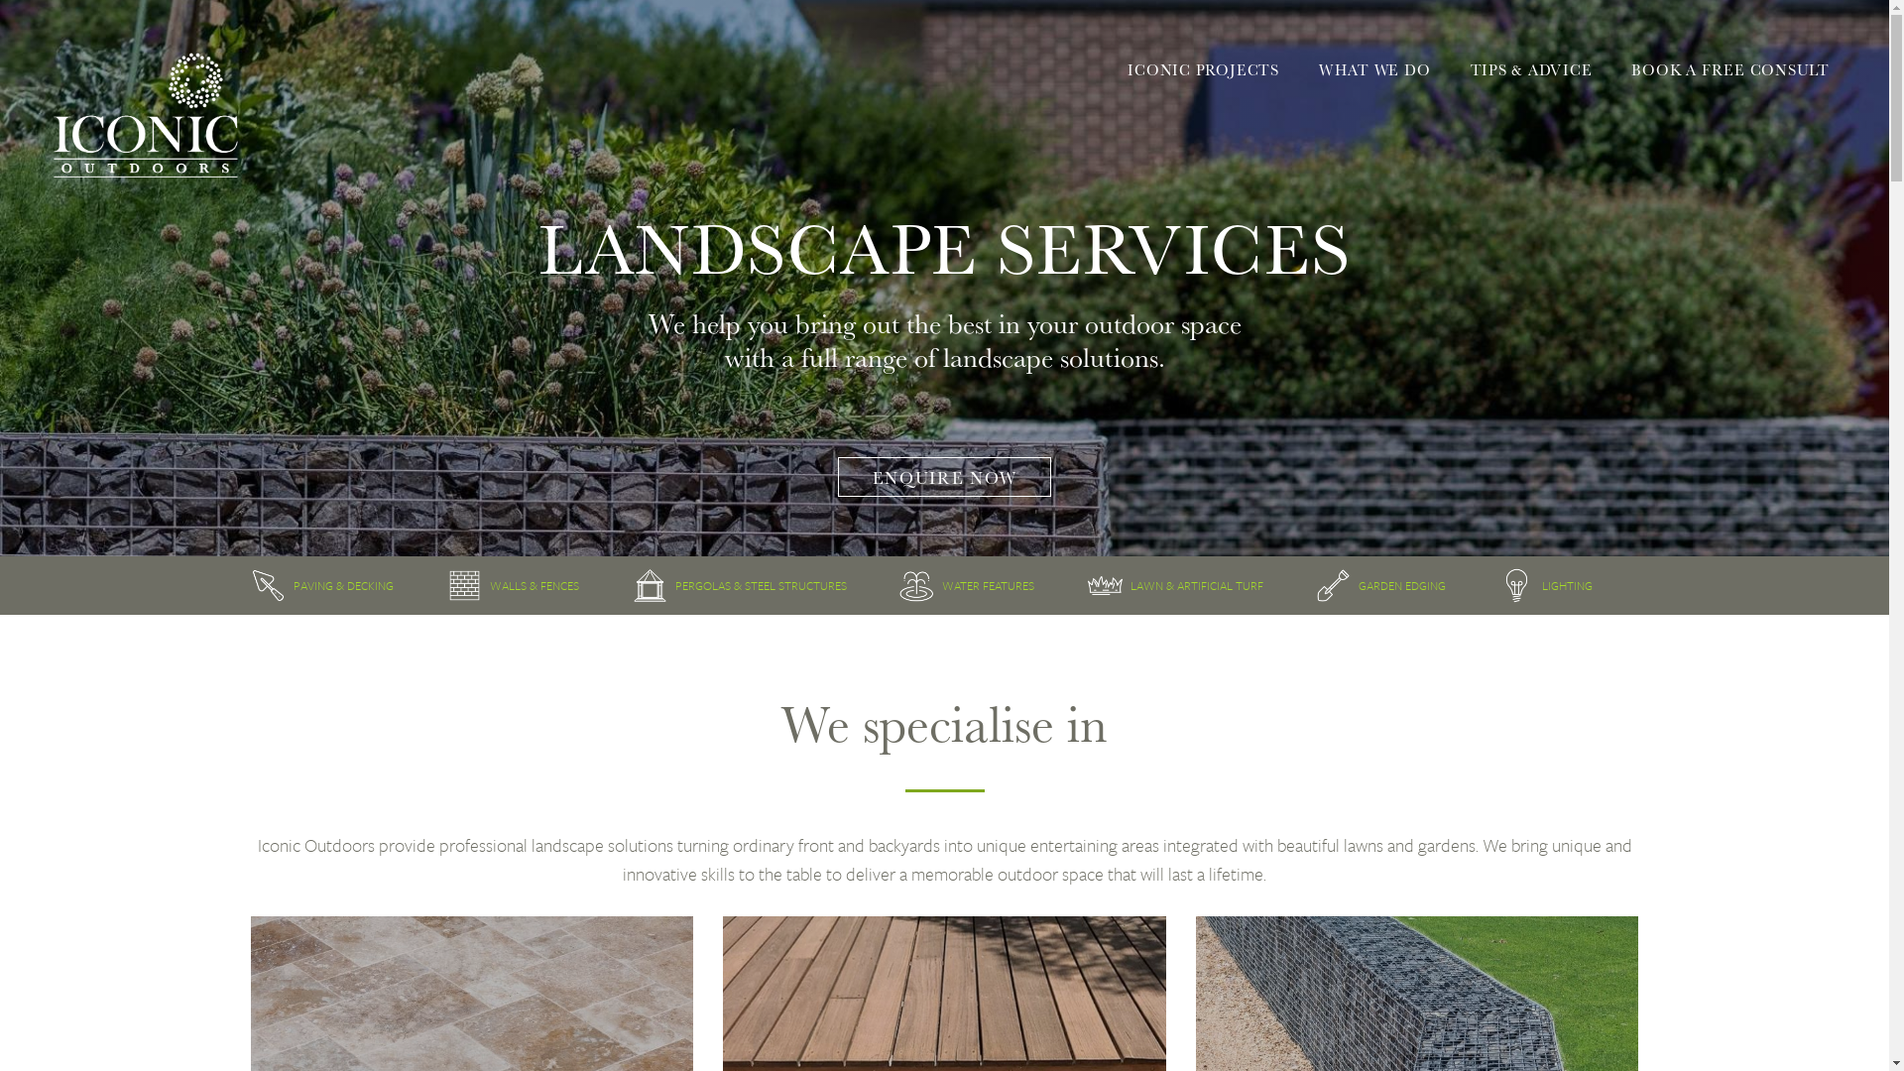  What do you see at coordinates (944, 476) in the screenshot?
I see `'ENQUIRE NOW'` at bounding box center [944, 476].